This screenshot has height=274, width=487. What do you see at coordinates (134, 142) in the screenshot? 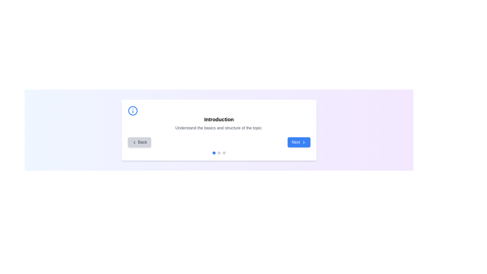
I see `the left-pointing arrow icon located inside the 'Back' button to trigger visual feedback` at bounding box center [134, 142].